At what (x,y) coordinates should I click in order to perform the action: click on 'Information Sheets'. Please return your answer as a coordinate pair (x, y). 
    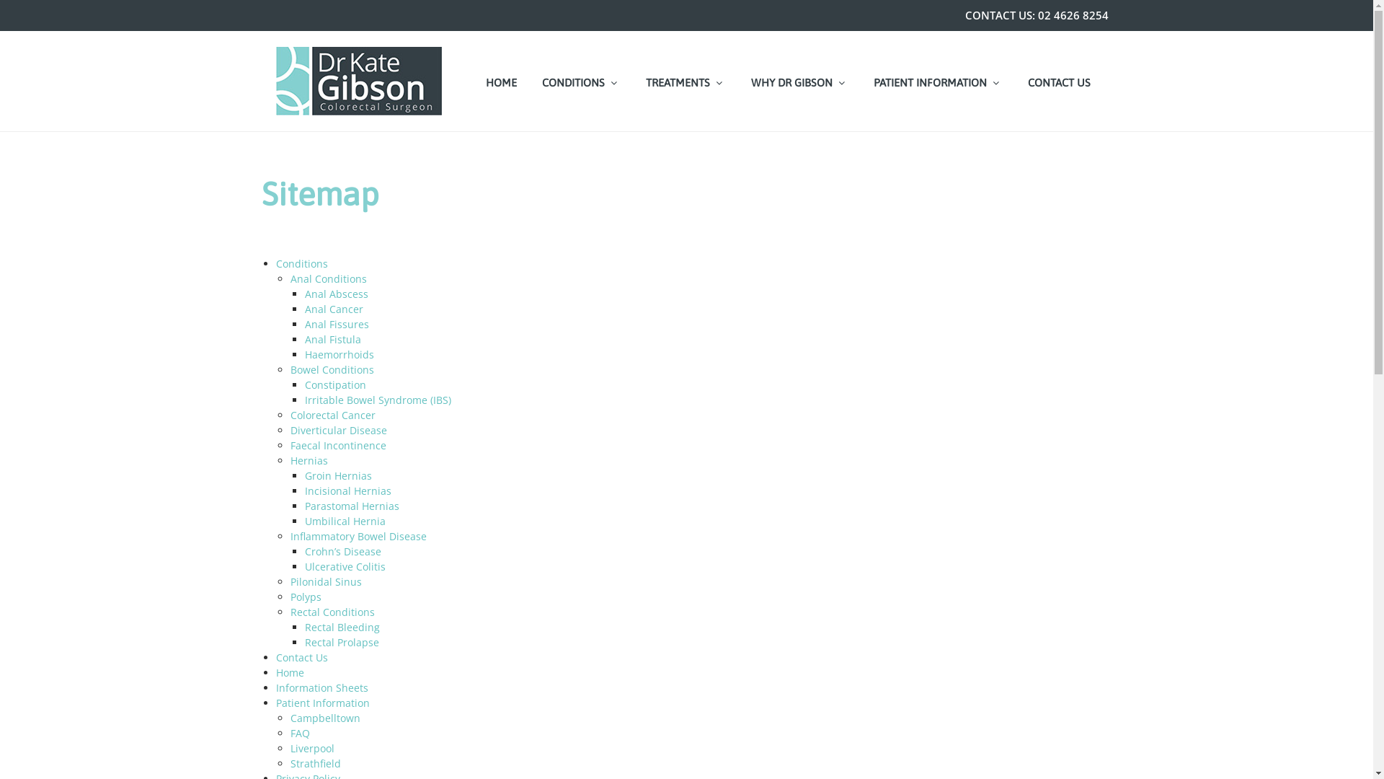
    Looking at the image, I should click on (321, 687).